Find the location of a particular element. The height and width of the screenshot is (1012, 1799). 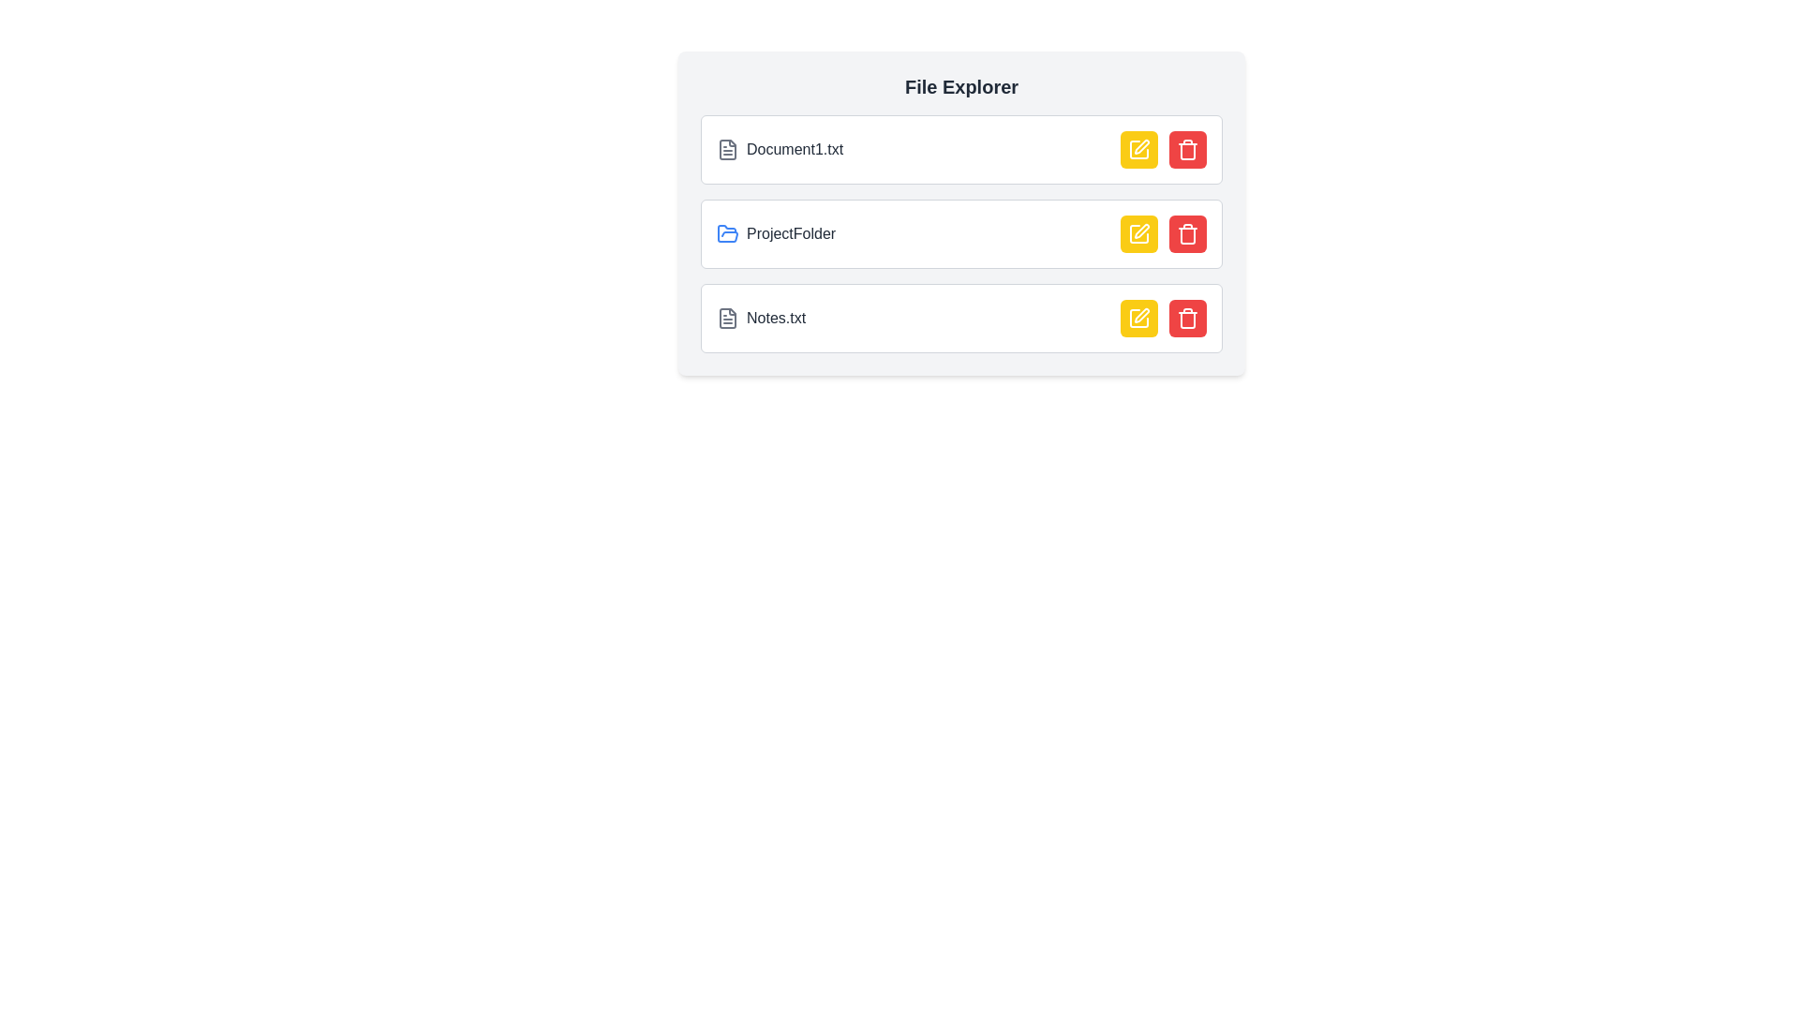

the trash can icon with a minimalist line art style, which is located in the red actionable button next to the yellow pencil icon, within the file explorer interface under the 'ProjectFolder' list item is located at coordinates (1186, 233).